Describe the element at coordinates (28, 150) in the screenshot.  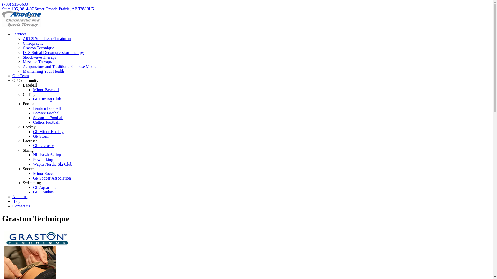
I see `'Skiing'` at that location.